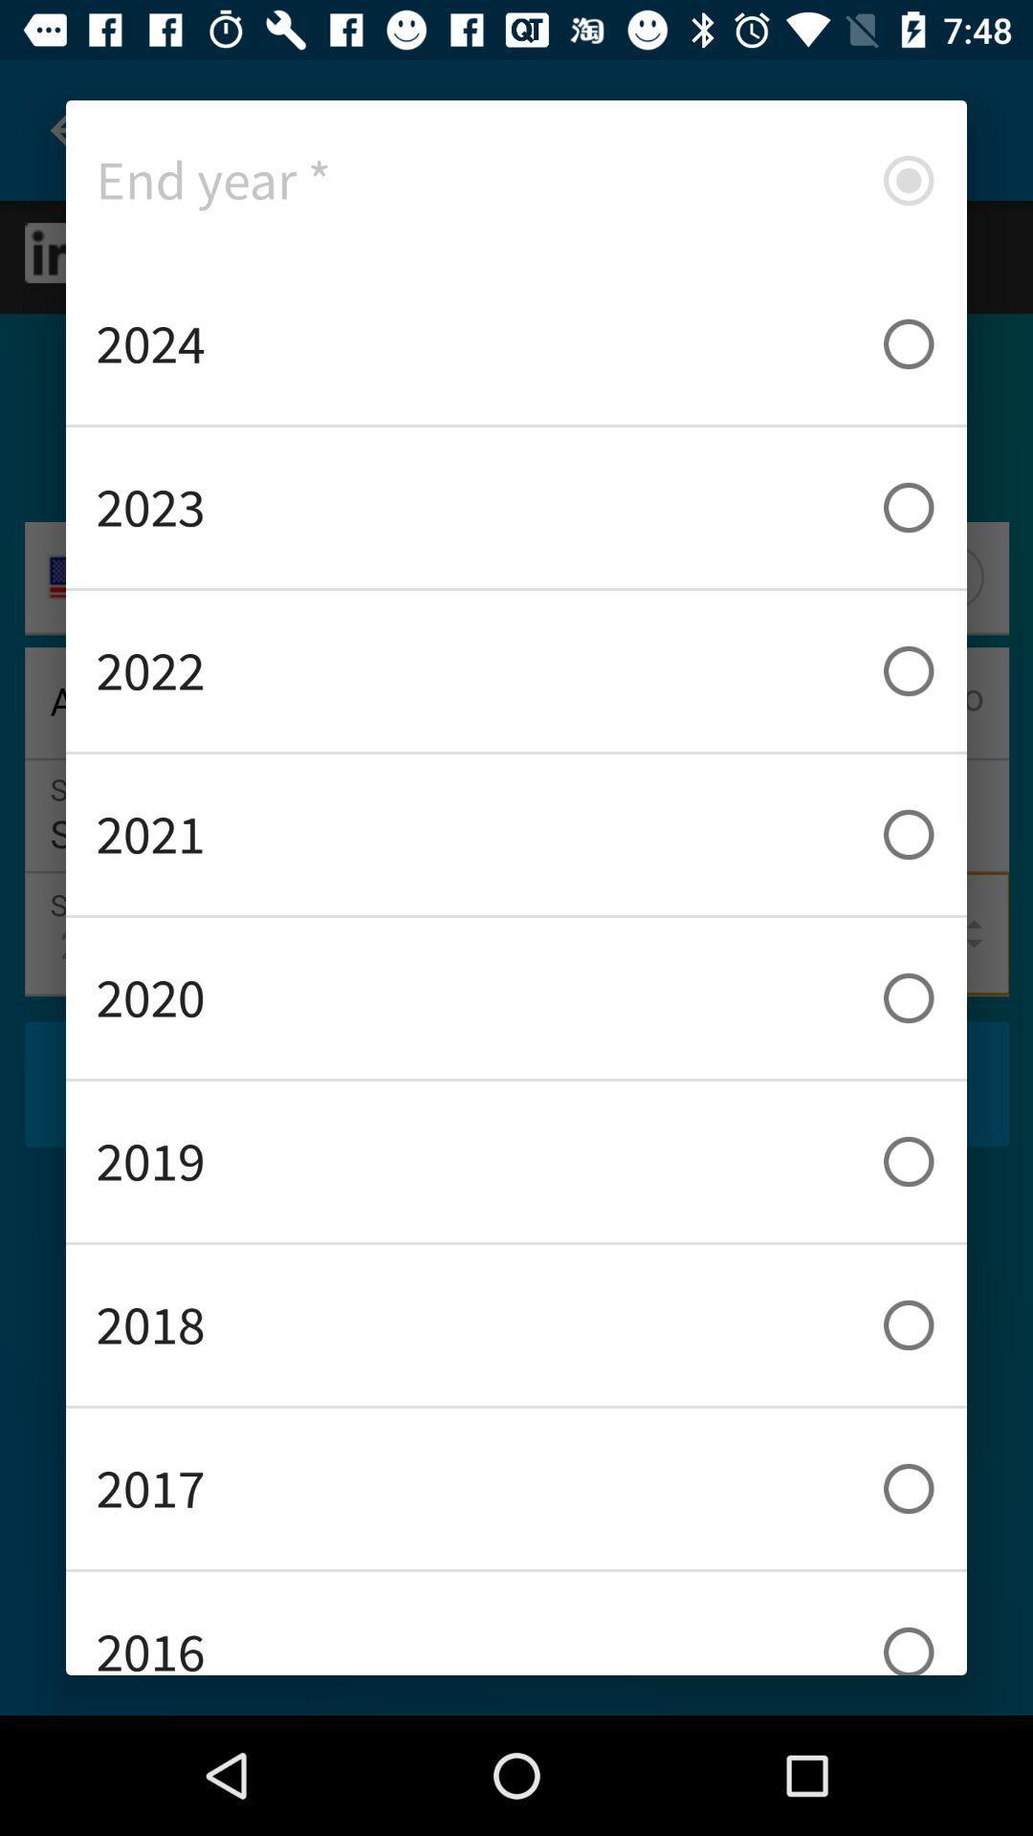 The image size is (1033, 1836). Describe the element at coordinates (516, 1324) in the screenshot. I see `the 2018 item` at that location.